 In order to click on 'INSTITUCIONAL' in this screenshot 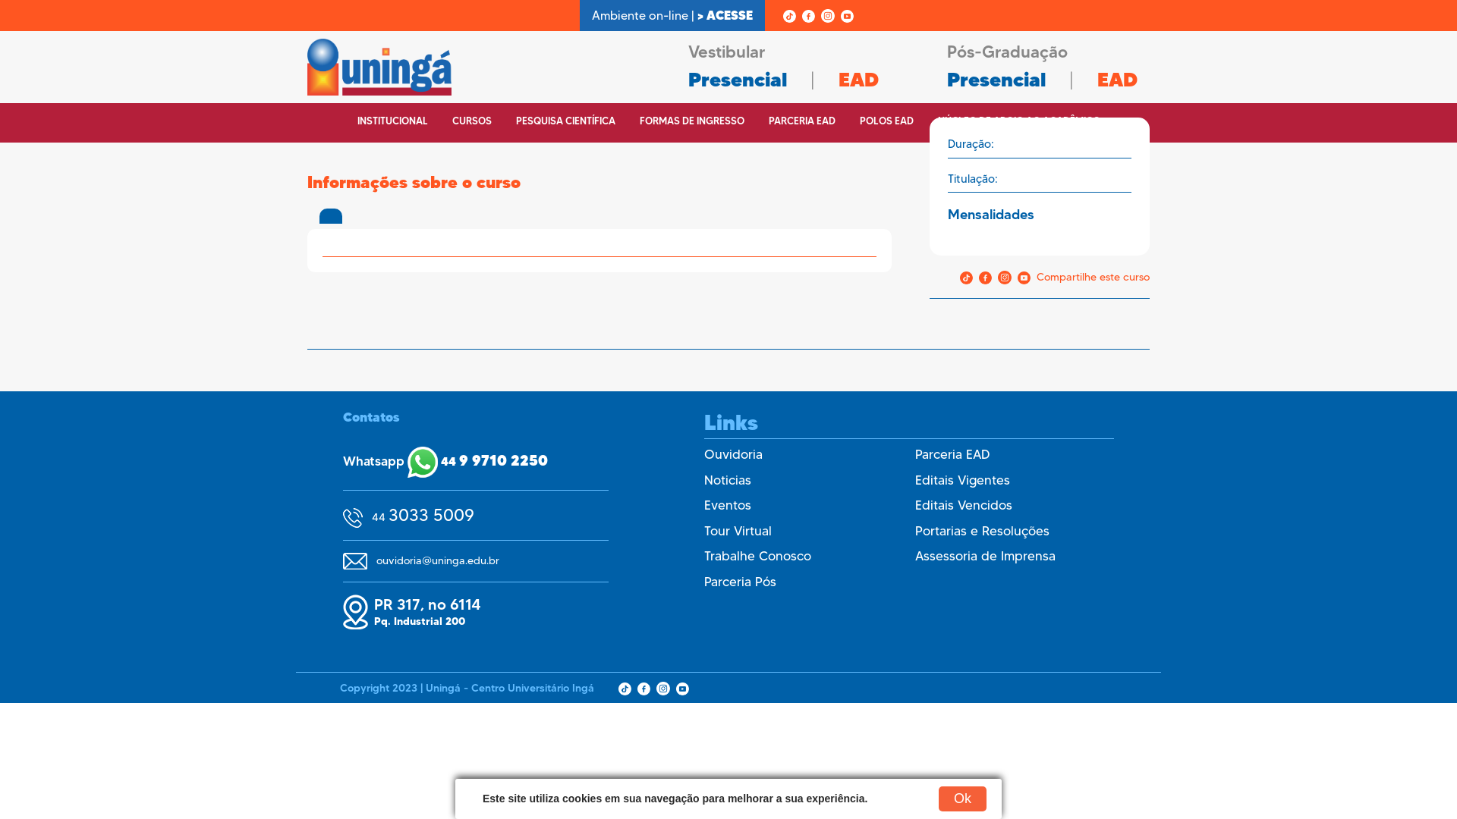, I will do `click(392, 122)`.